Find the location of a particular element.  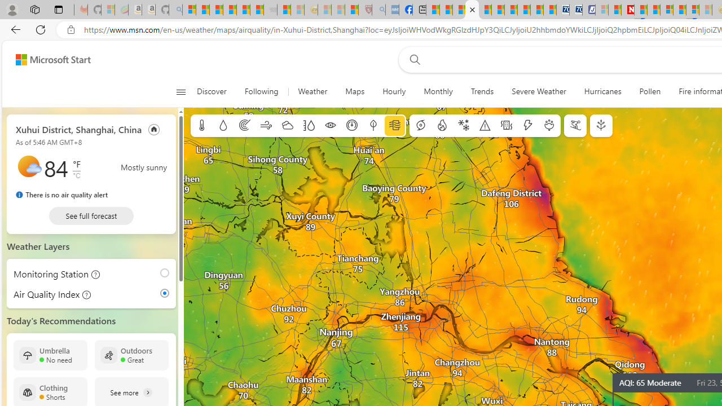

'Temperature' is located at coordinates (202, 126).